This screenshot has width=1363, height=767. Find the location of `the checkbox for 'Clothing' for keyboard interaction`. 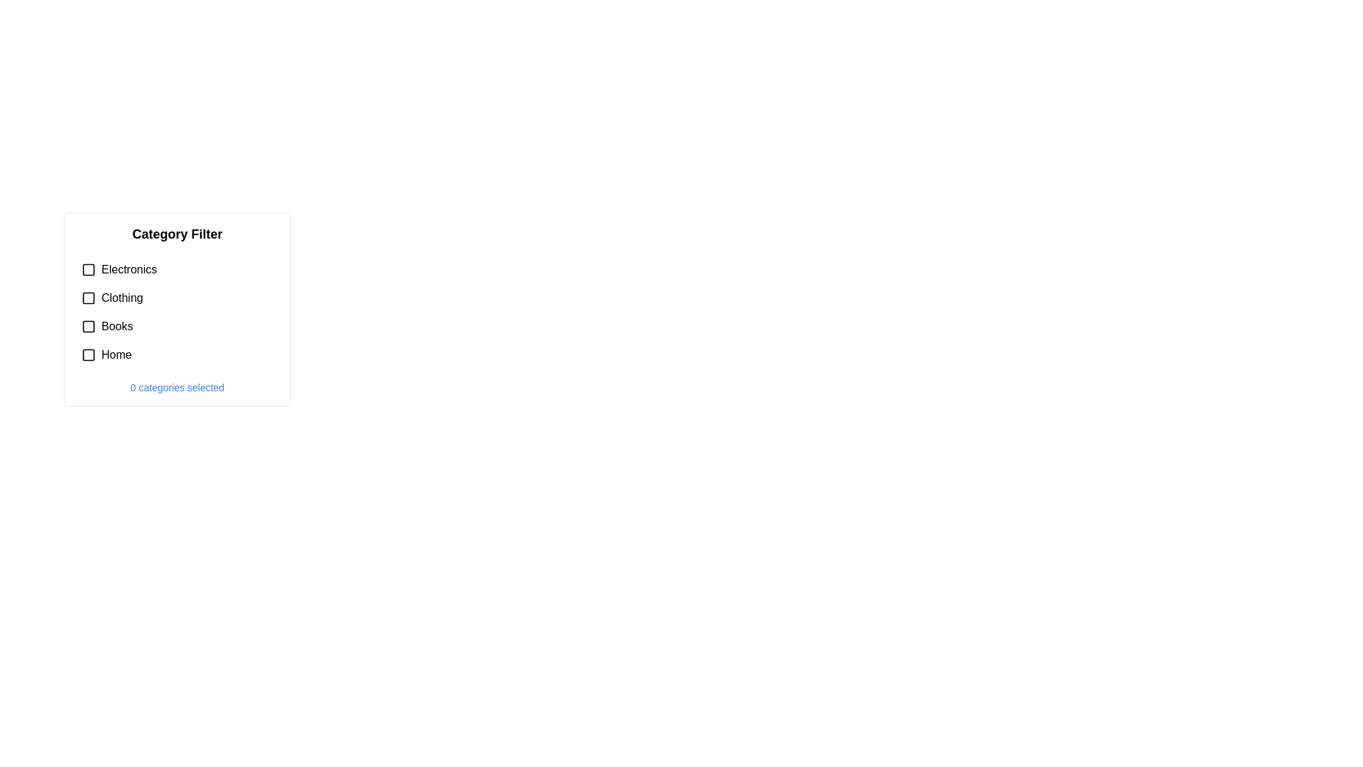

the checkbox for 'Clothing' for keyboard interaction is located at coordinates (87, 298).